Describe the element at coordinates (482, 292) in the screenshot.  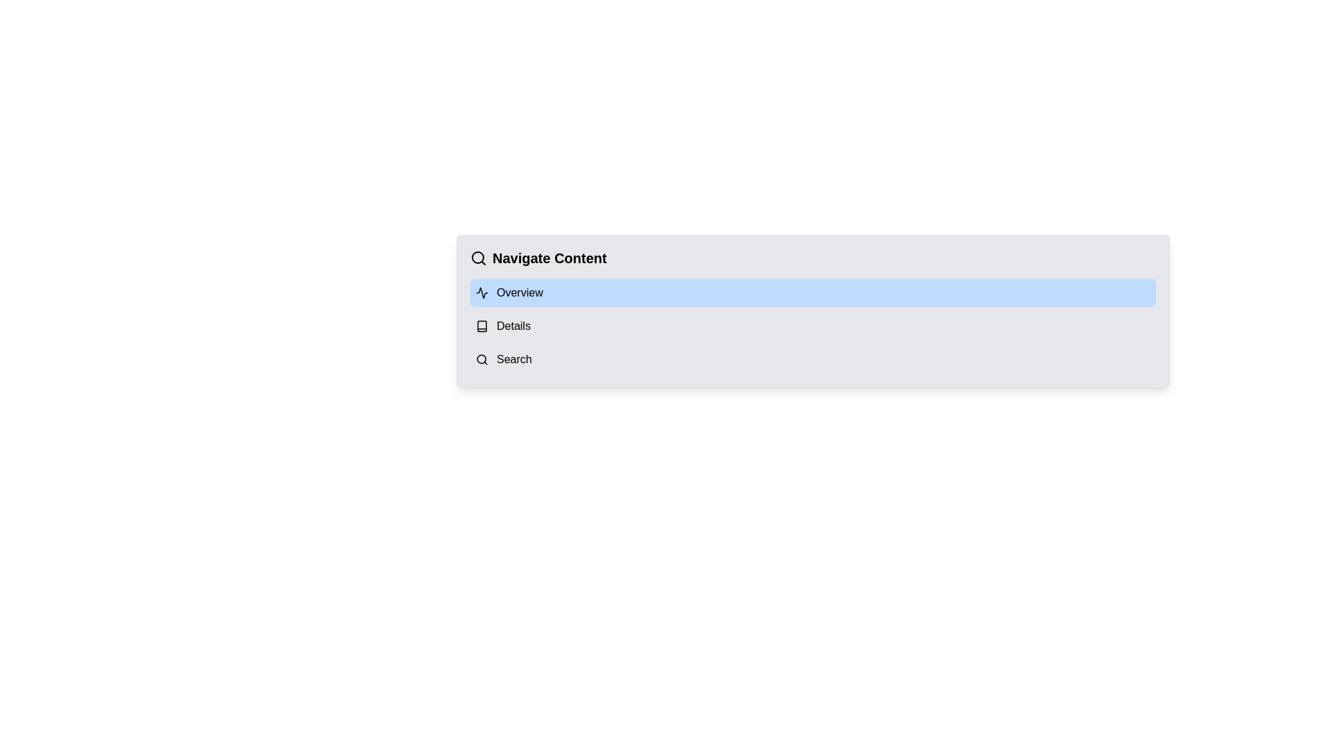
I see `the SVG icon representing an activity-related design, located to the left of the text 'Overview' in the navigation panel` at that location.